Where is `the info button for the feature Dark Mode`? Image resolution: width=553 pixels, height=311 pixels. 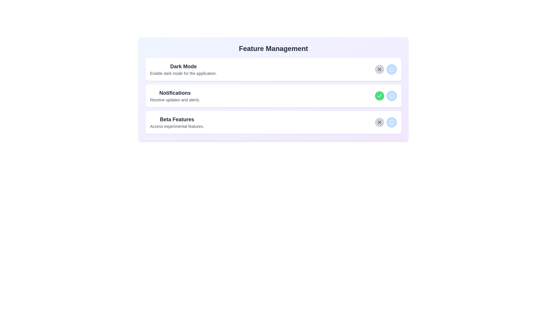
the info button for the feature Dark Mode is located at coordinates (391, 69).